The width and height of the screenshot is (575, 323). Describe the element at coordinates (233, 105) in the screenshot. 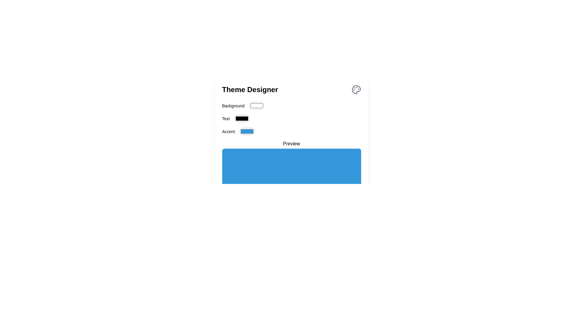

I see `the Text Label that describes the purpose of the adjacent color selection component located under the 'Theme Designer' title` at that location.